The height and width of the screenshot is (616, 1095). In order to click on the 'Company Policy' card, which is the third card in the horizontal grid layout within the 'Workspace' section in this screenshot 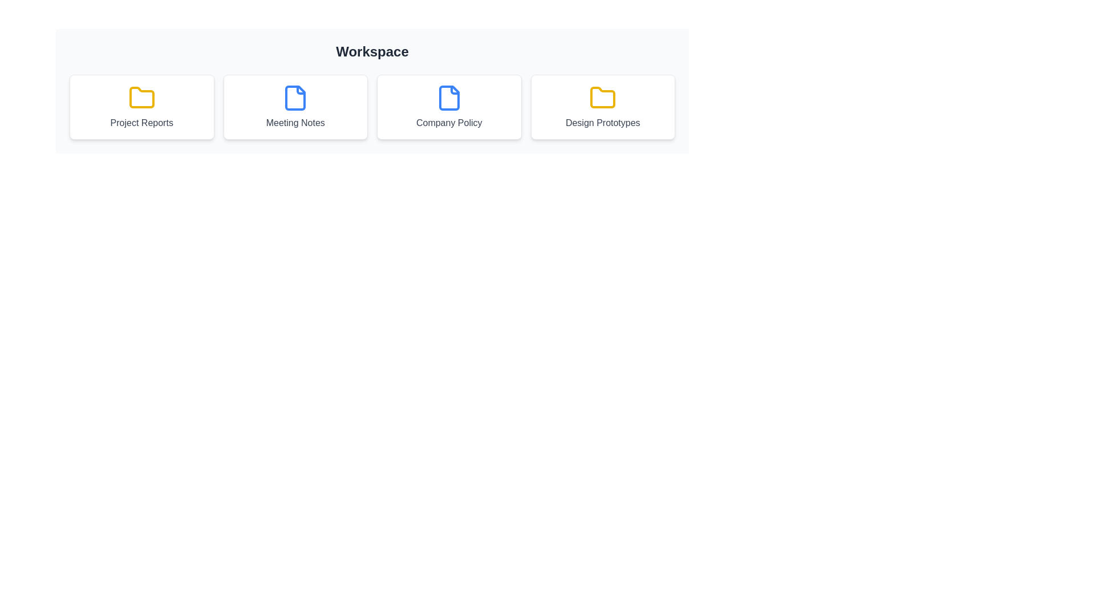, I will do `click(448, 107)`.